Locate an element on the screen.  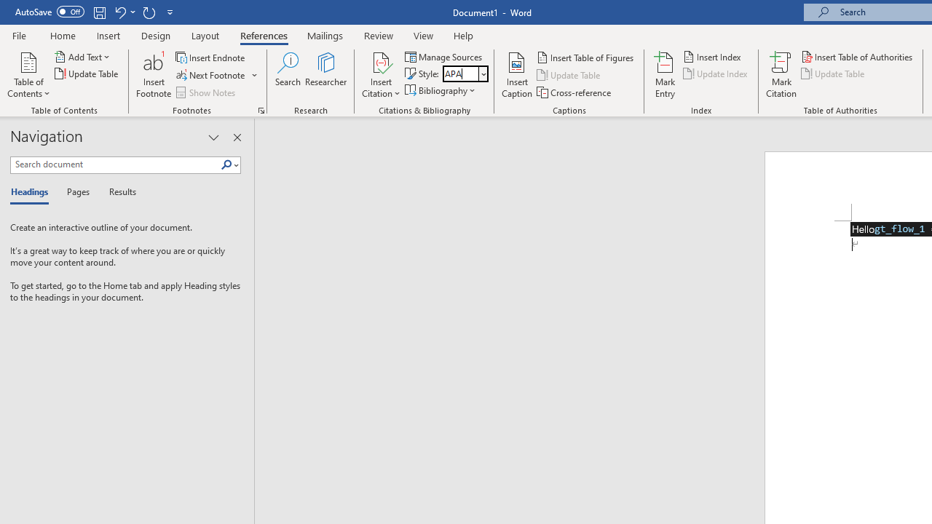
'Customize Quick Access Toolbar' is located at coordinates (170, 12).